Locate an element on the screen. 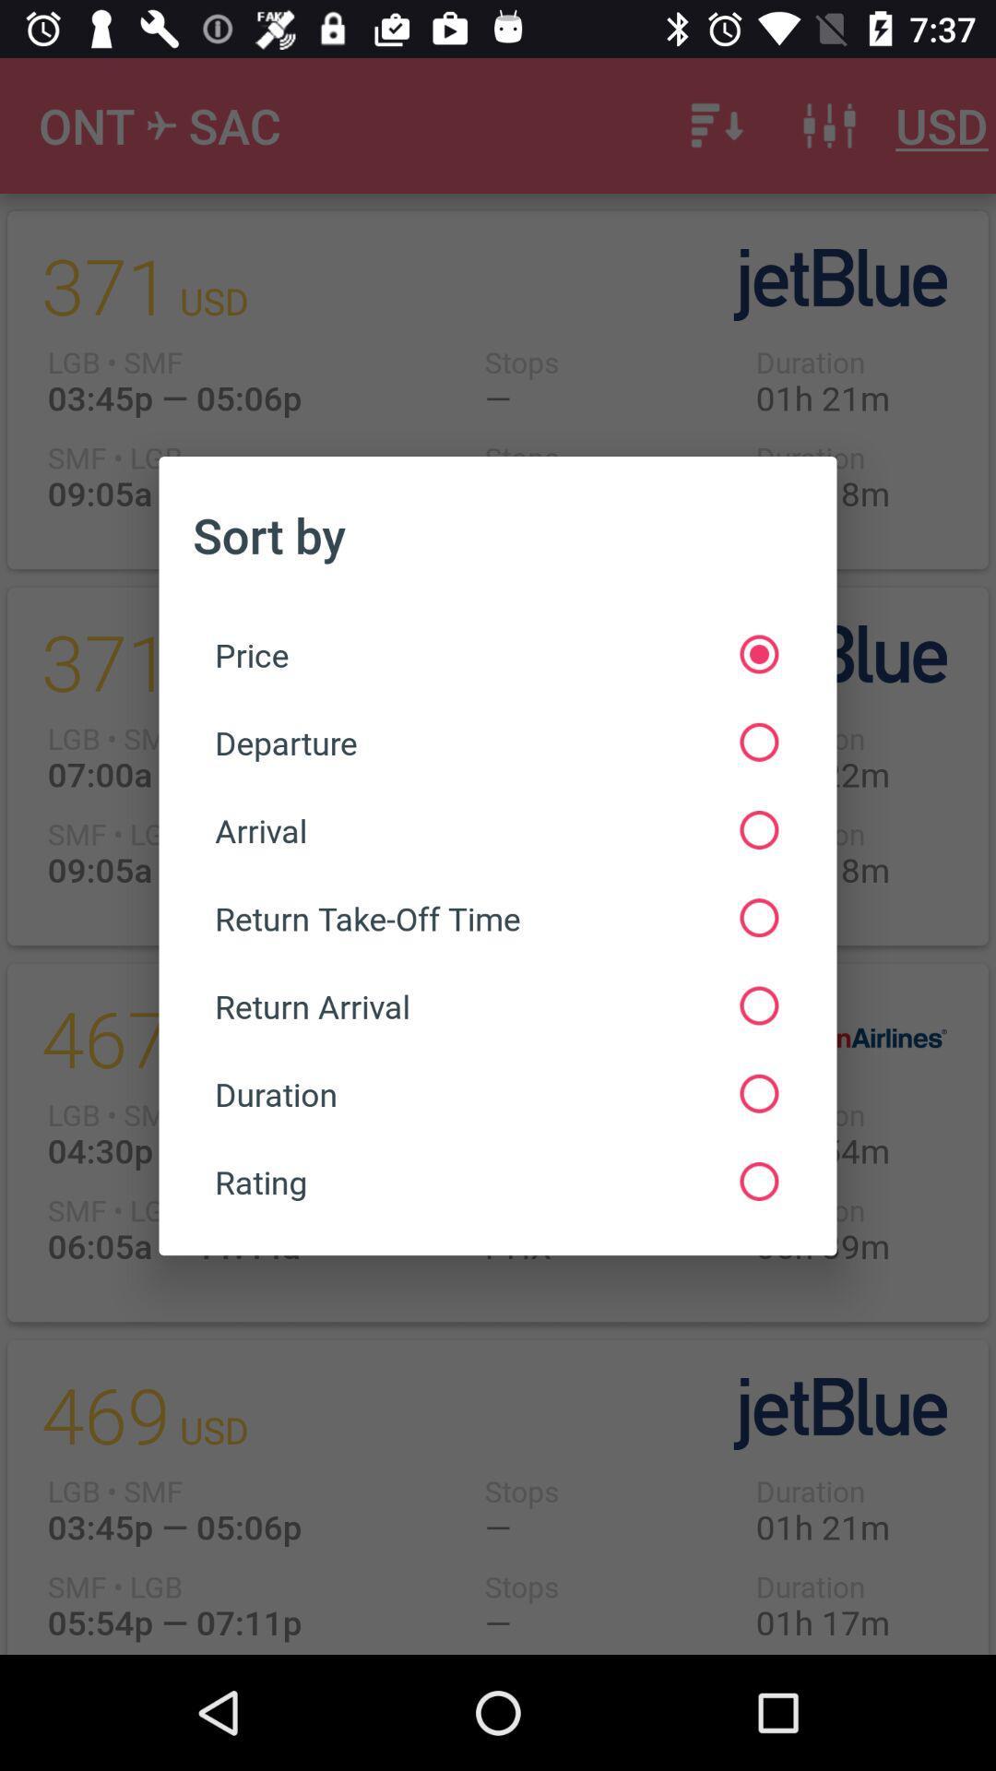  duration is located at coordinates (495, 1094).